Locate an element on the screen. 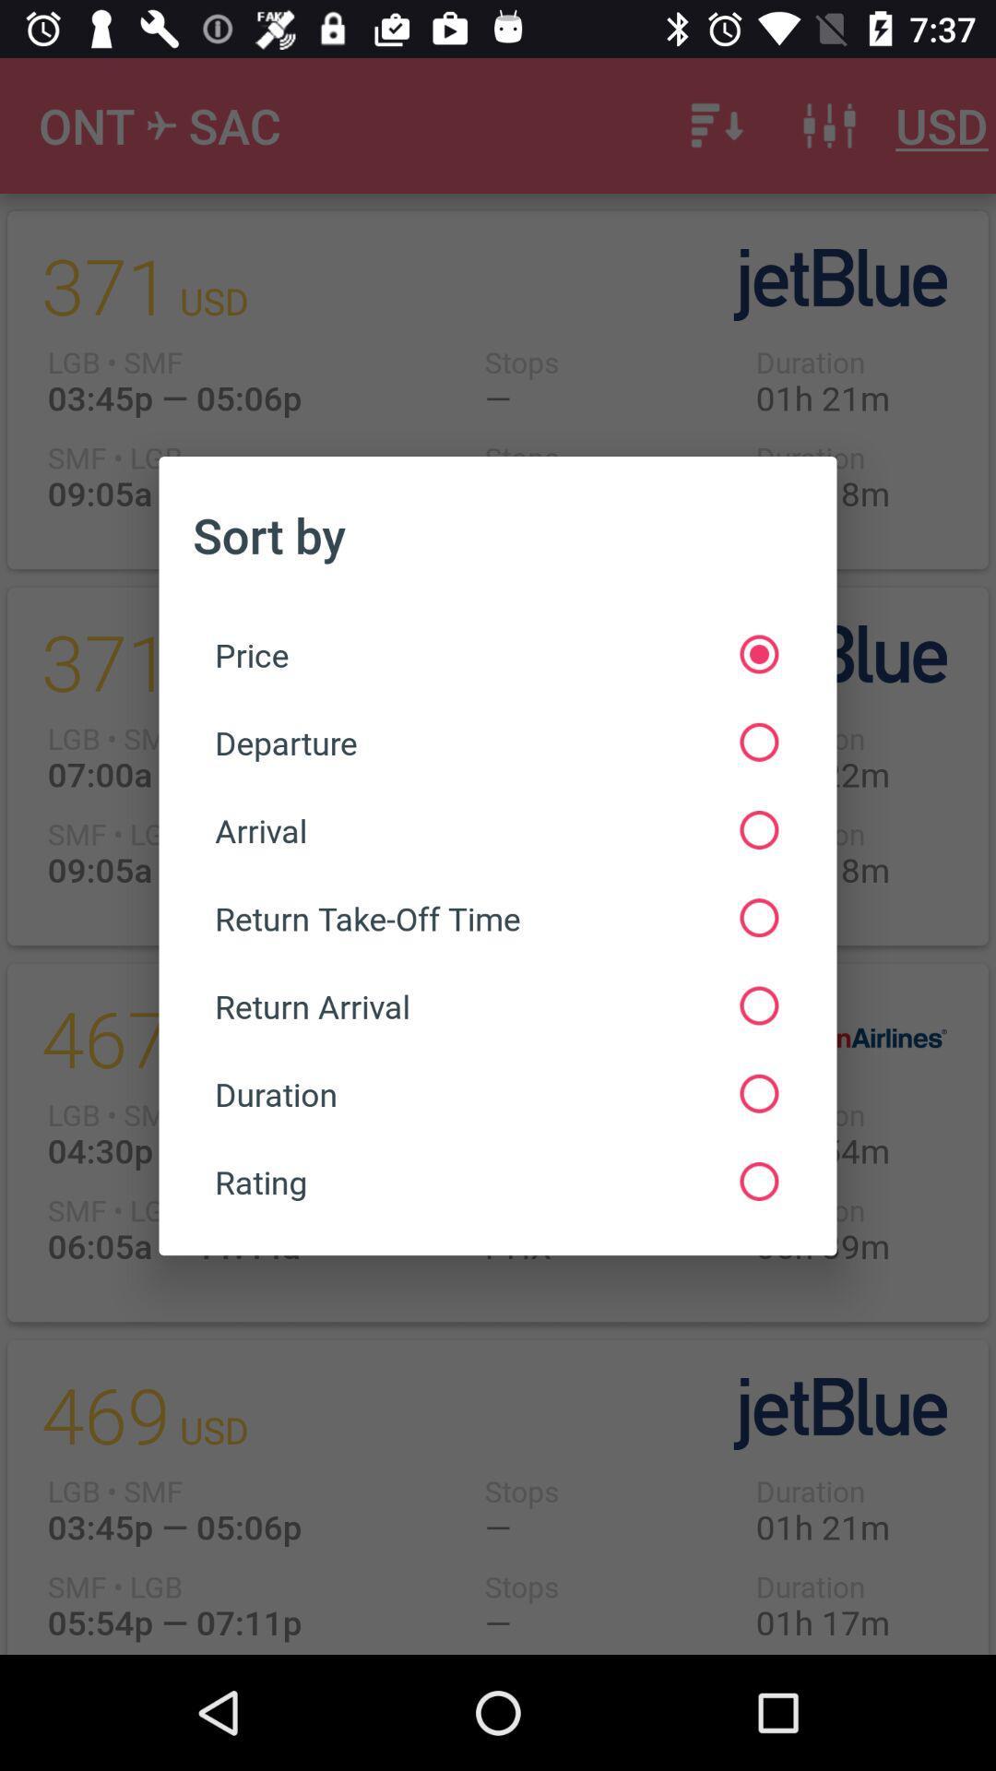  duration is located at coordinates (495, 1094).